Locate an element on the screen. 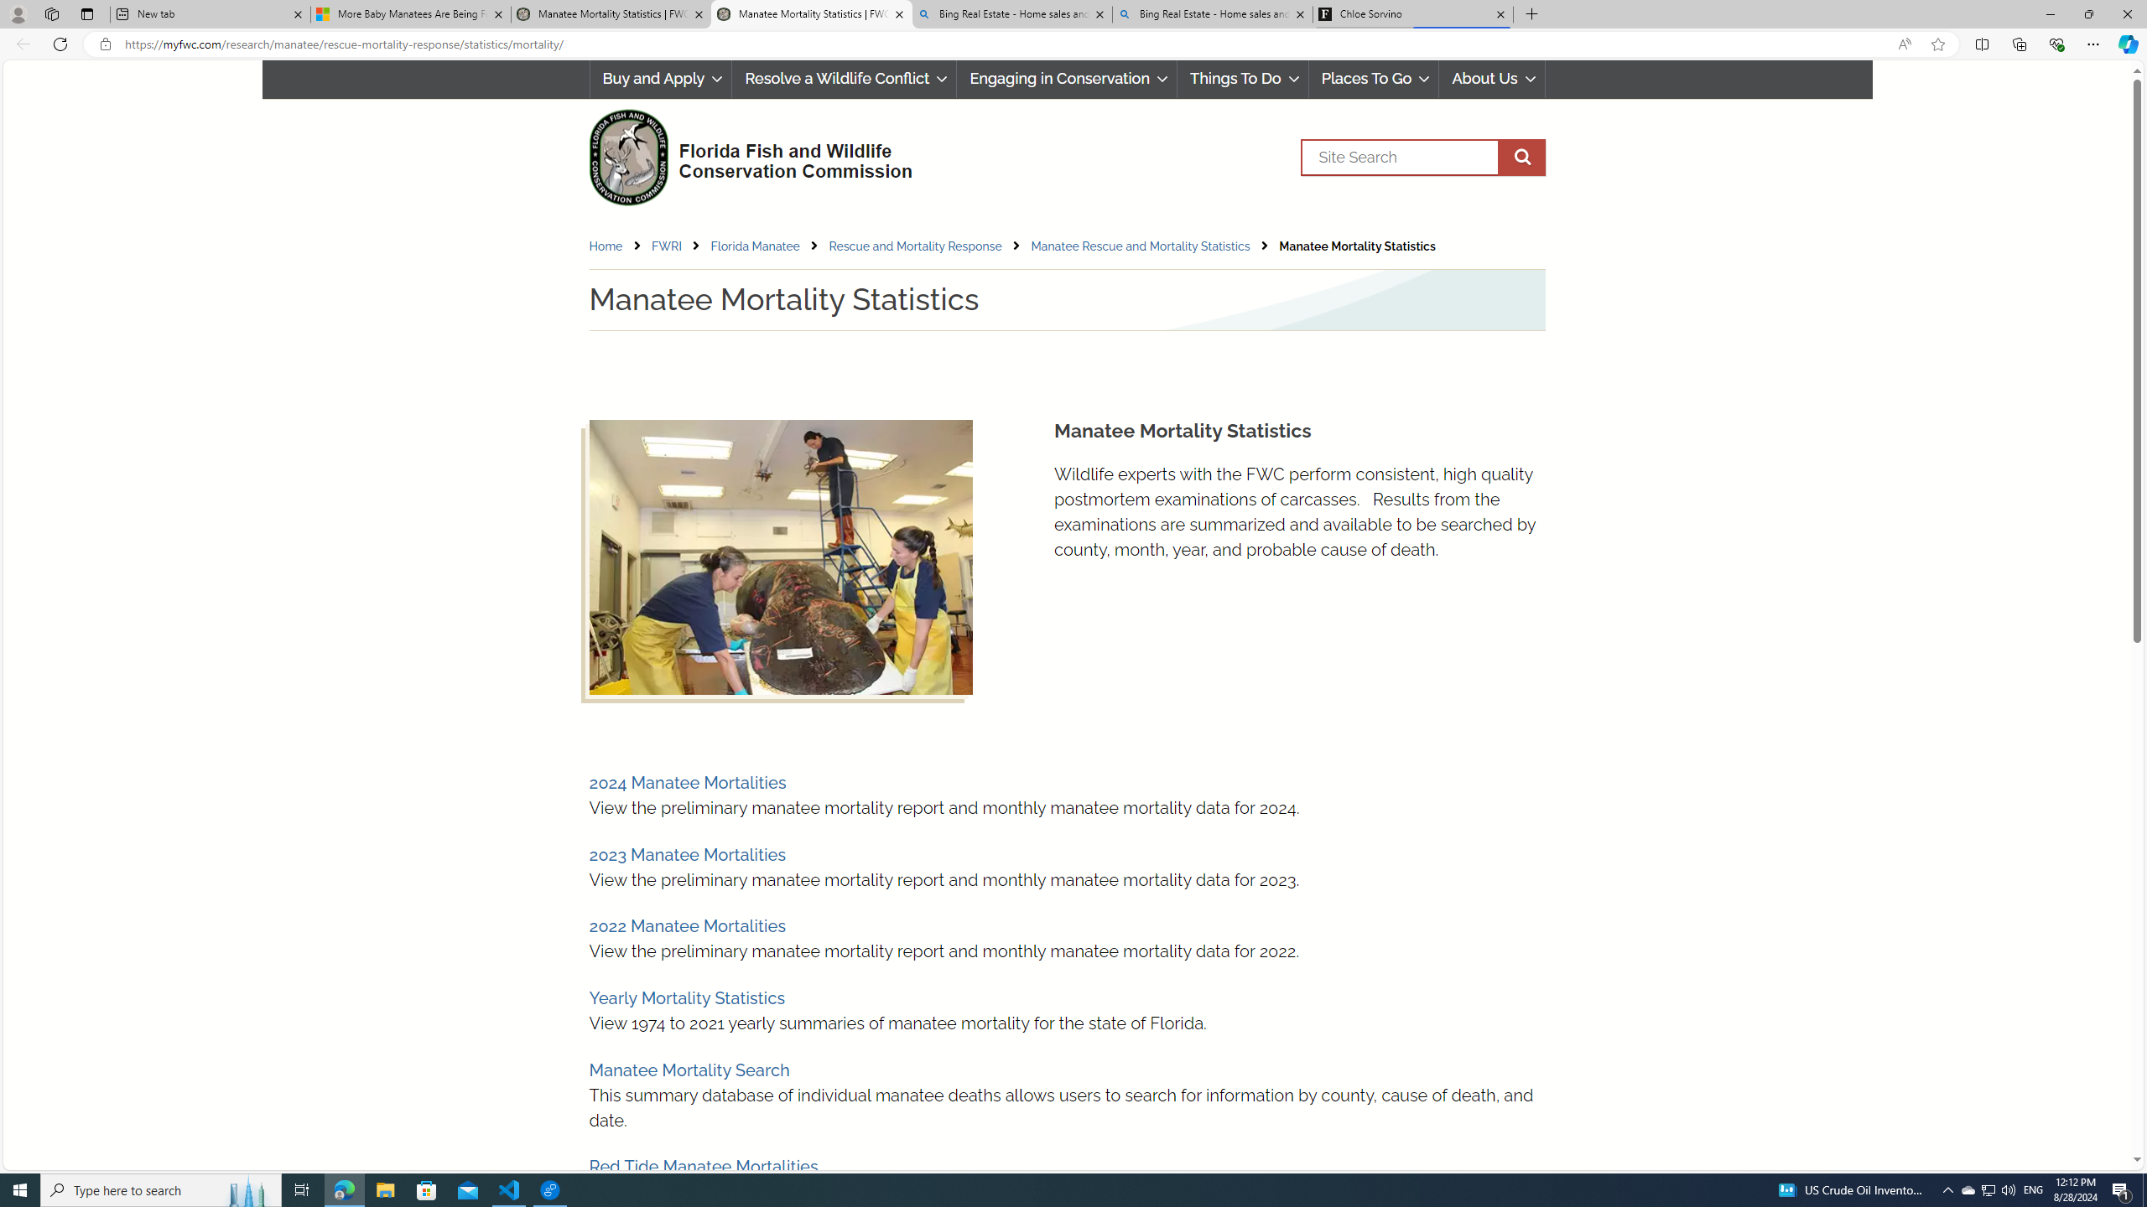 This screenshot has height=1207, width=2147. 'Rescue and Mortality Response' is located at coordinates (915, 246).